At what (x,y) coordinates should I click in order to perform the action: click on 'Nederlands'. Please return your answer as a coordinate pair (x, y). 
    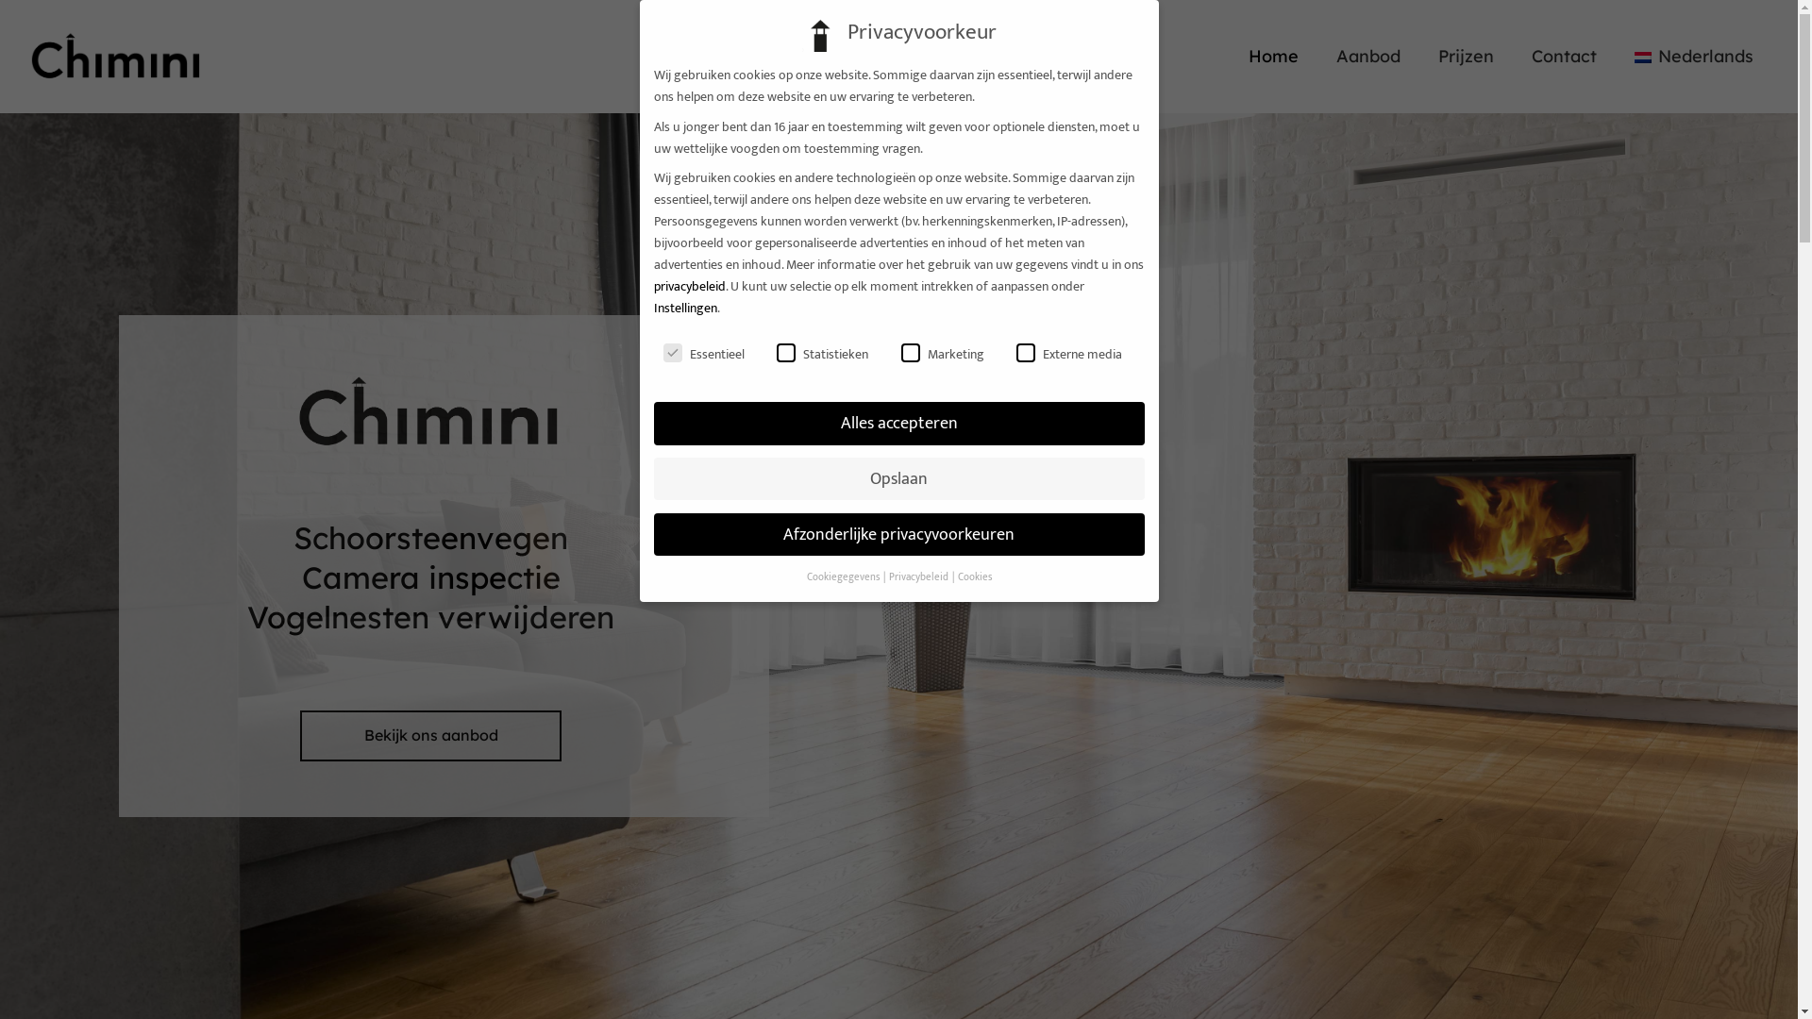
    Looking at the image, I should click on (1694, 56).